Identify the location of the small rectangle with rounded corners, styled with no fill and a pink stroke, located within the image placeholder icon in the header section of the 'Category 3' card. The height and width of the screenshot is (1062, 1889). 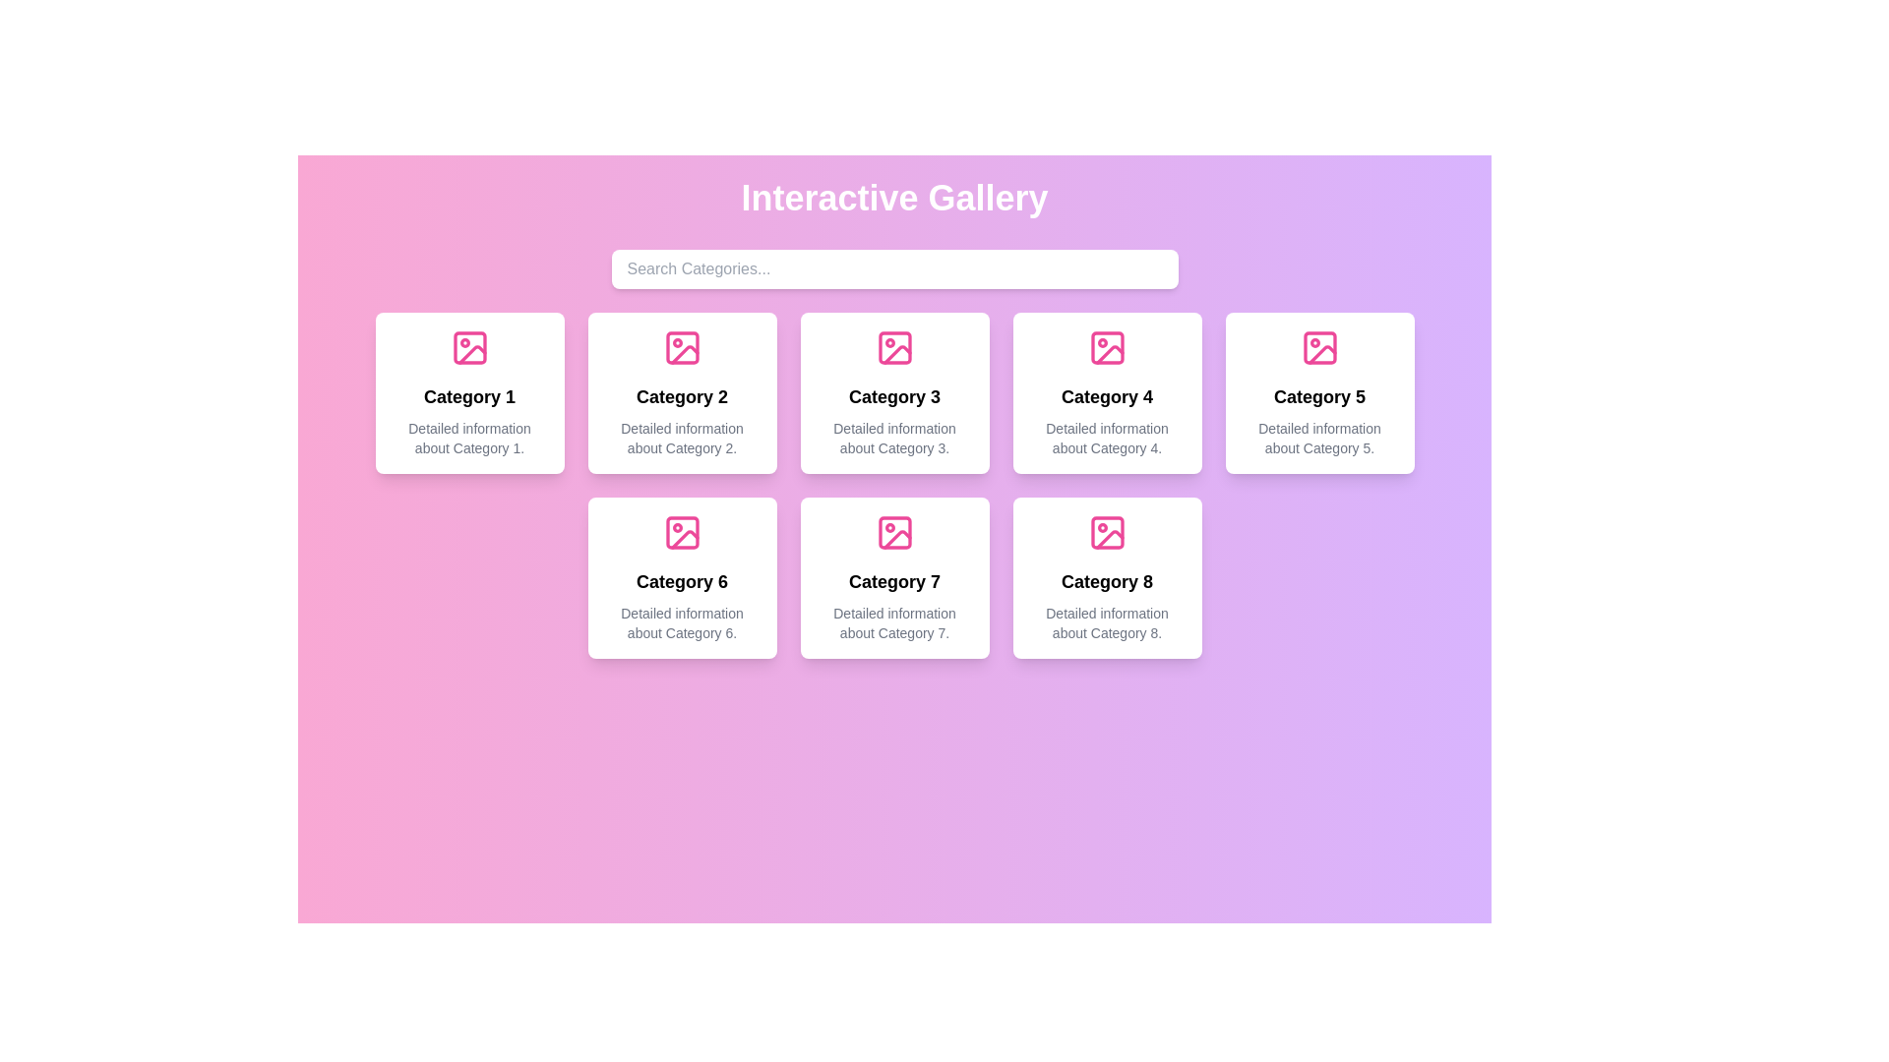
(893, 347).